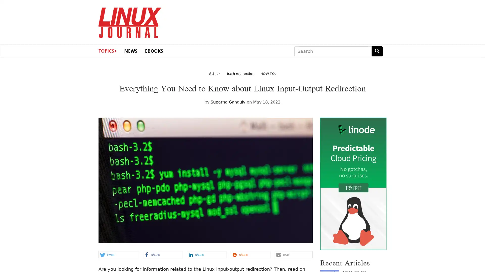 This screenshot has height=272, width=485. Describe the element at coordinates (293, 254) in the screenshot. I see `Send by email` at that location.